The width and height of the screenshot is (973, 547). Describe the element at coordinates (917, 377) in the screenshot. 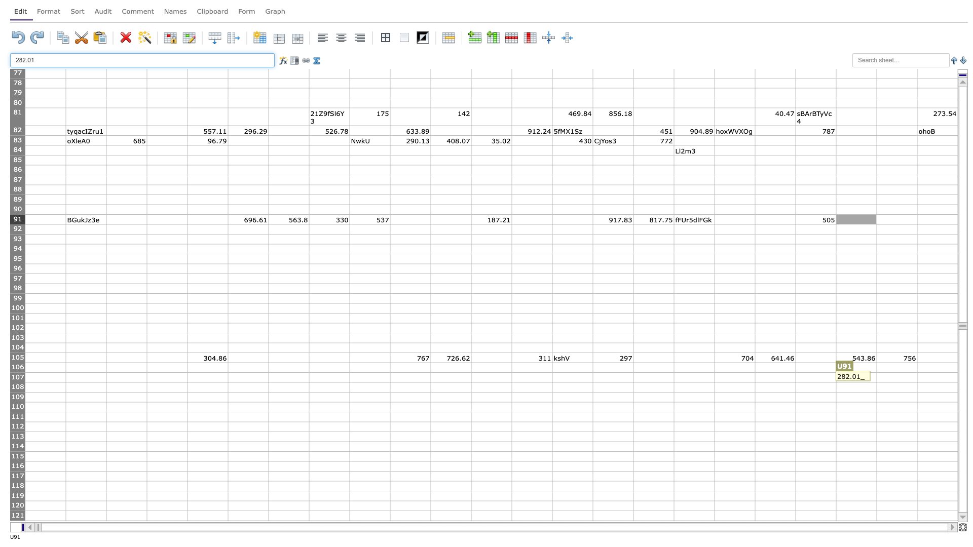

I see `Right border of cell V-107` at that location.